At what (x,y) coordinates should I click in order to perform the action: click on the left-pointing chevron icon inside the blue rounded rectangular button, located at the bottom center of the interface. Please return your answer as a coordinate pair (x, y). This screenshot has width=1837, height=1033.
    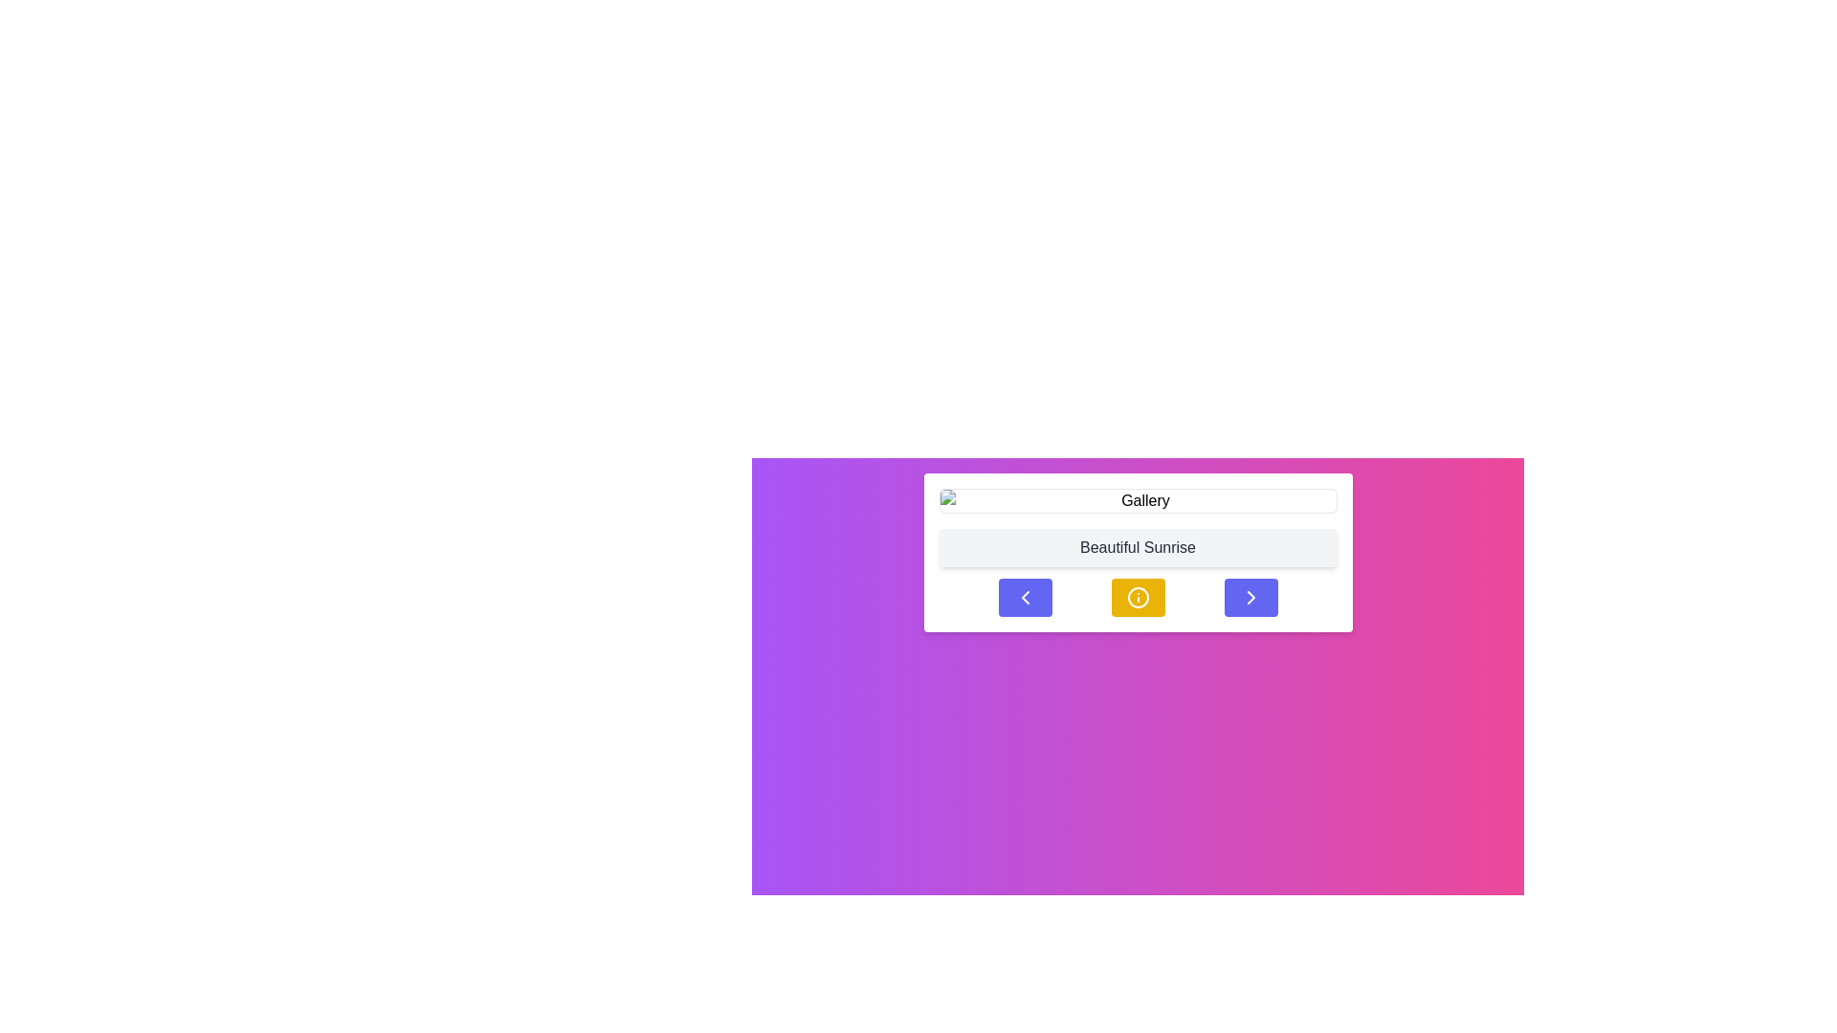
    Looking at the image, I should click on (1024, 596).